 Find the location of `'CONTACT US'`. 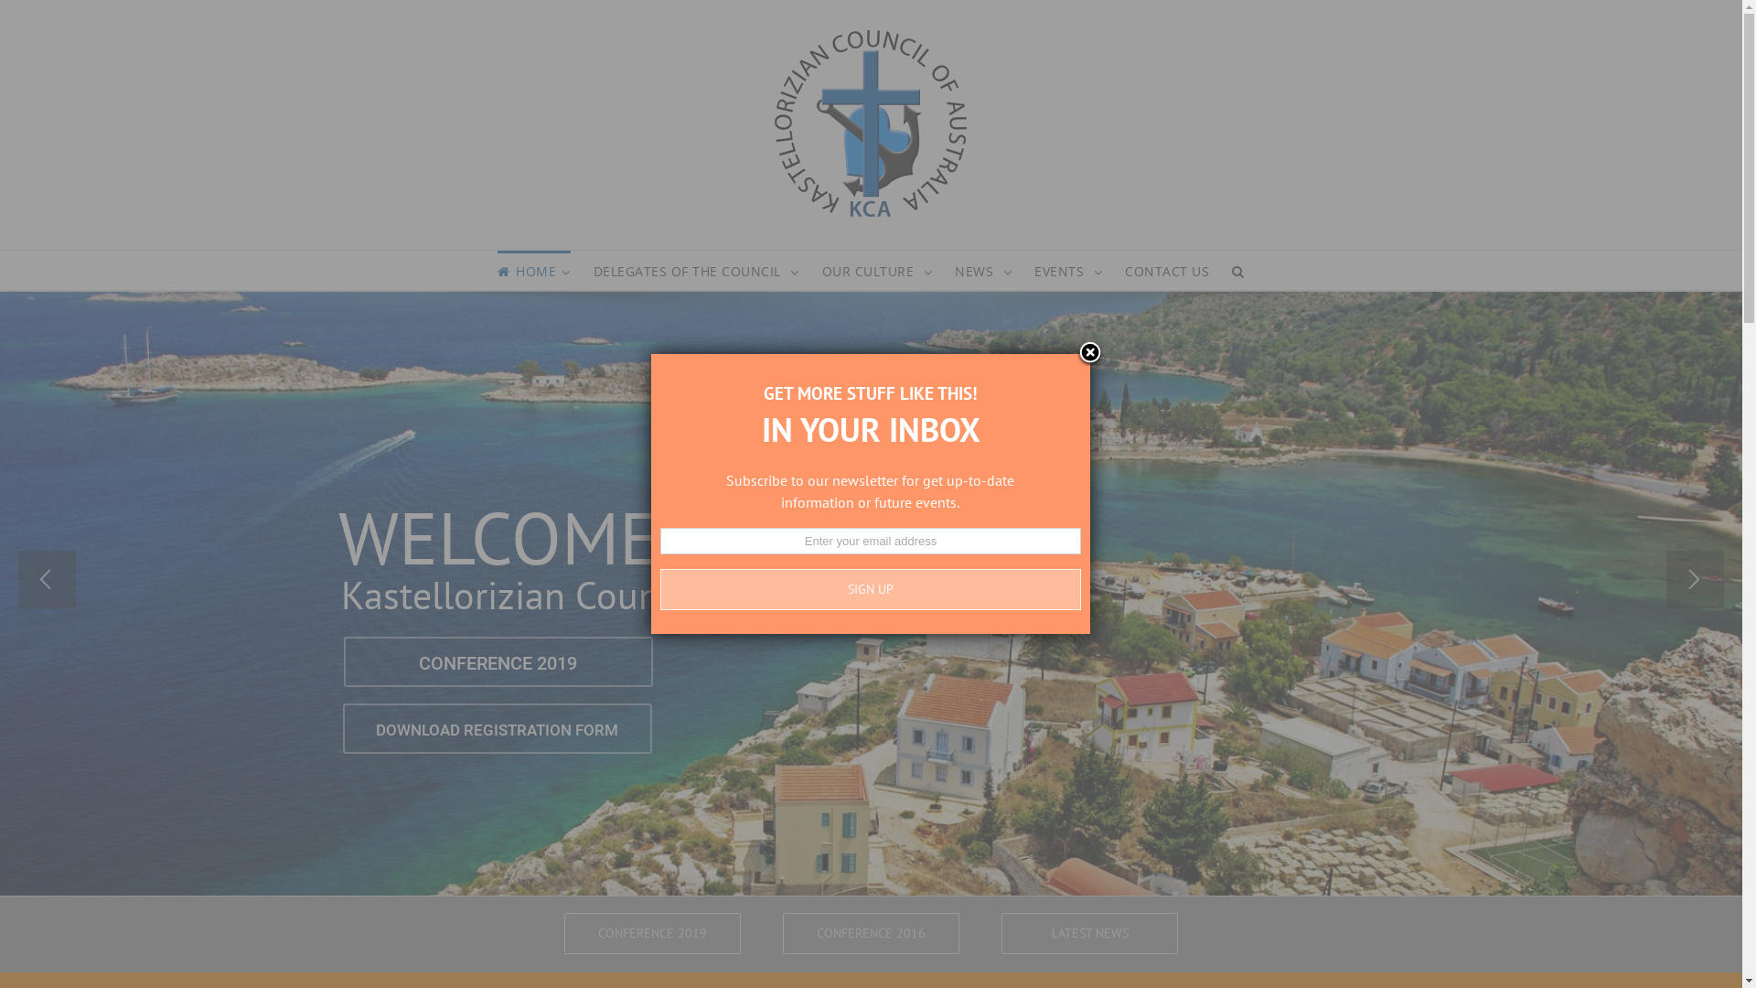

'CONTACT US' is located at coordinates (1123, 270).